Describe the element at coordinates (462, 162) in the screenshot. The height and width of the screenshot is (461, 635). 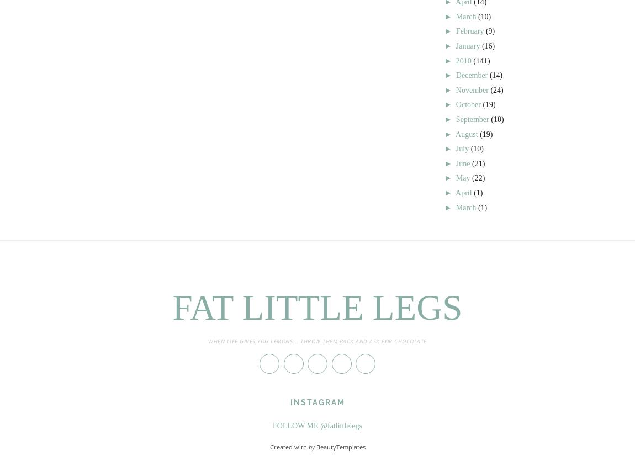
I see `'June'` at that location.